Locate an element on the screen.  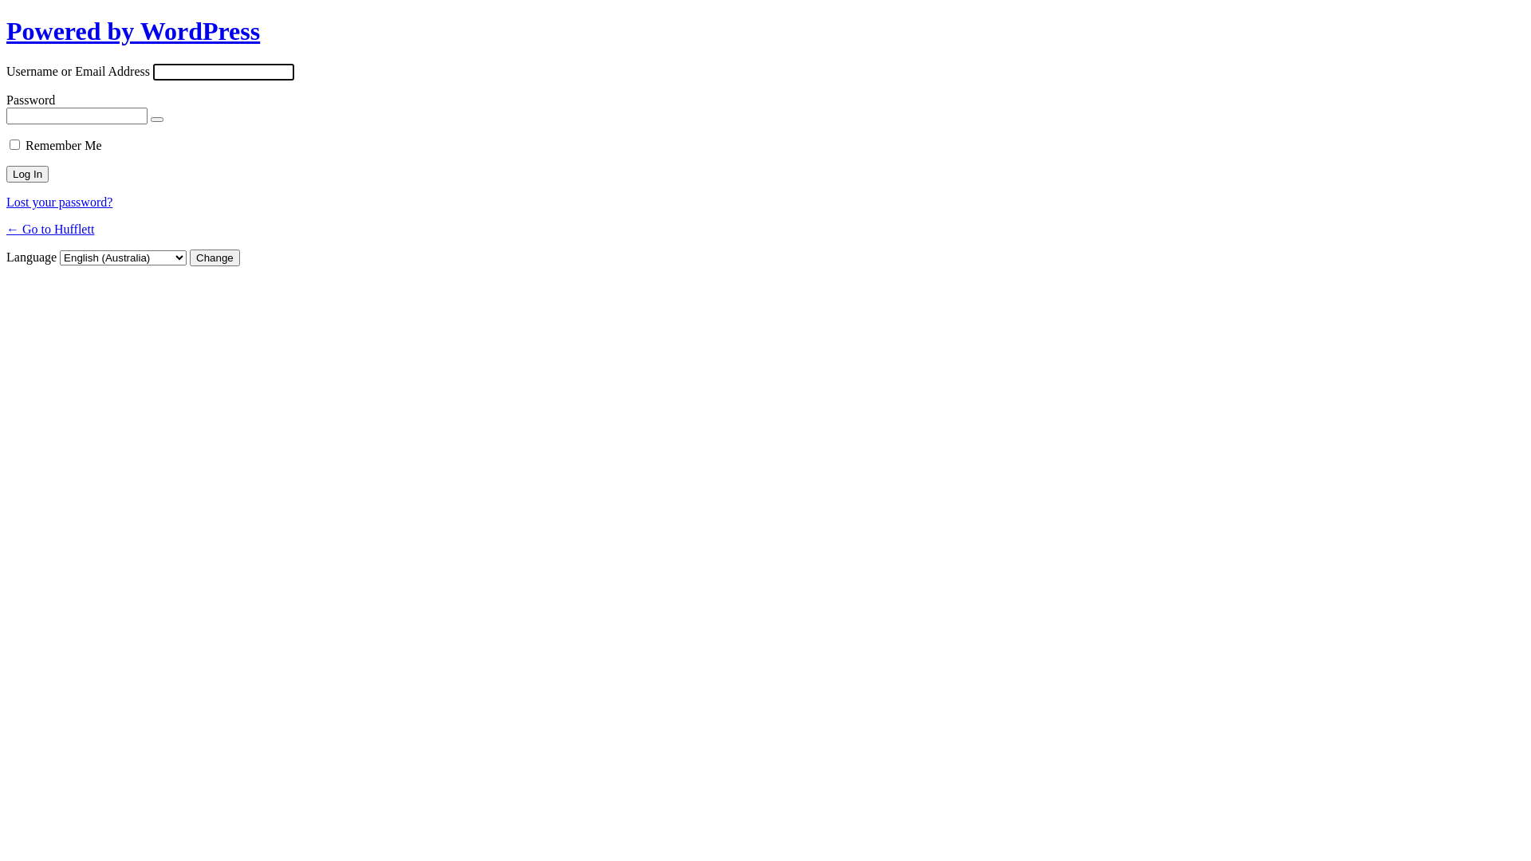
'Lost your password?' is located at coordinates (59, 201).